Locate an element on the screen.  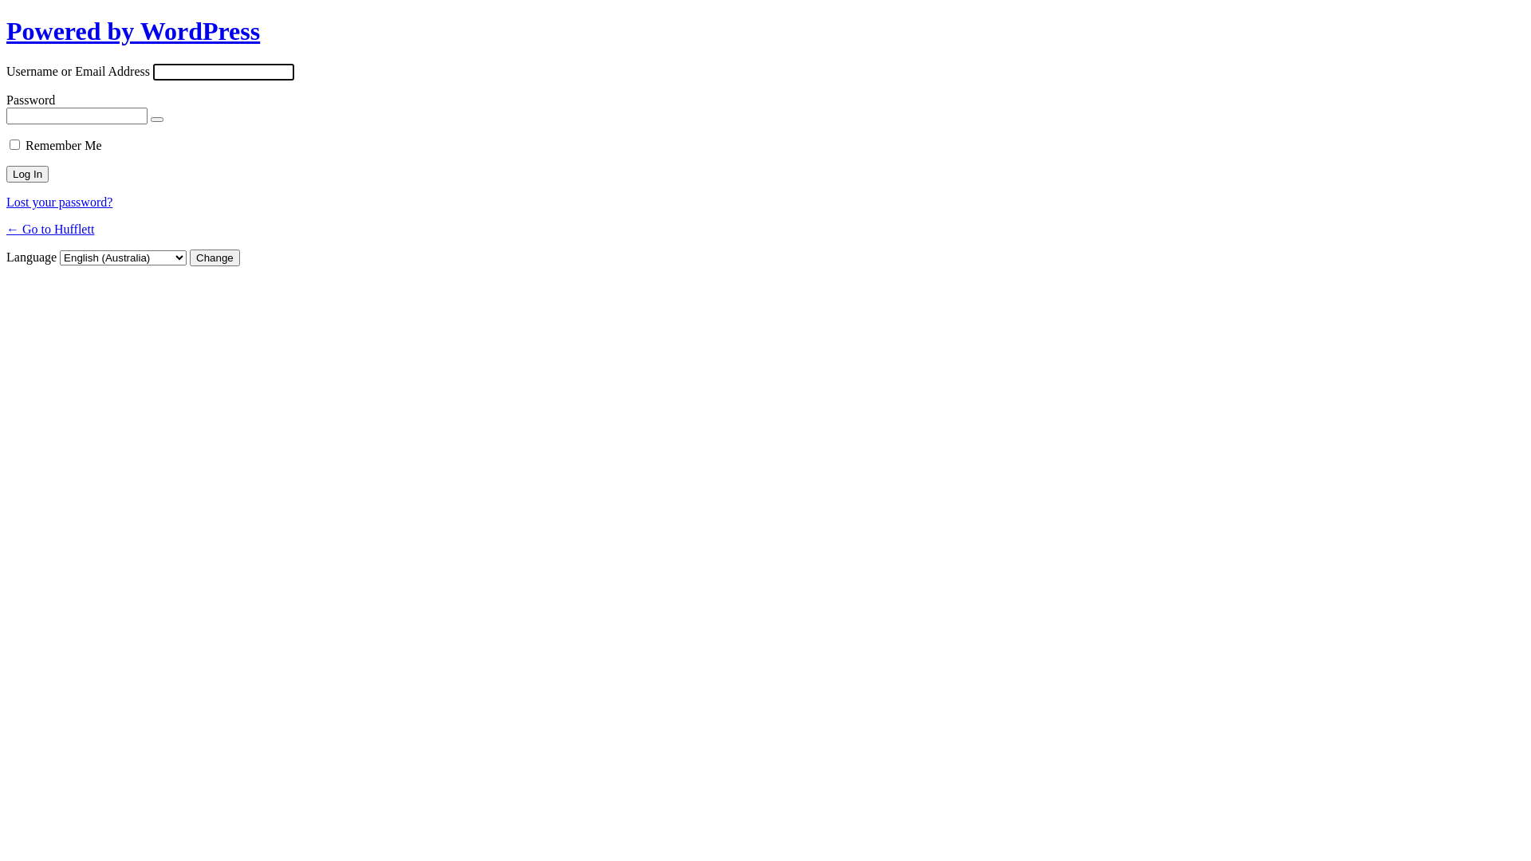
'Lost your password?' is located at coordinates (59, 201).